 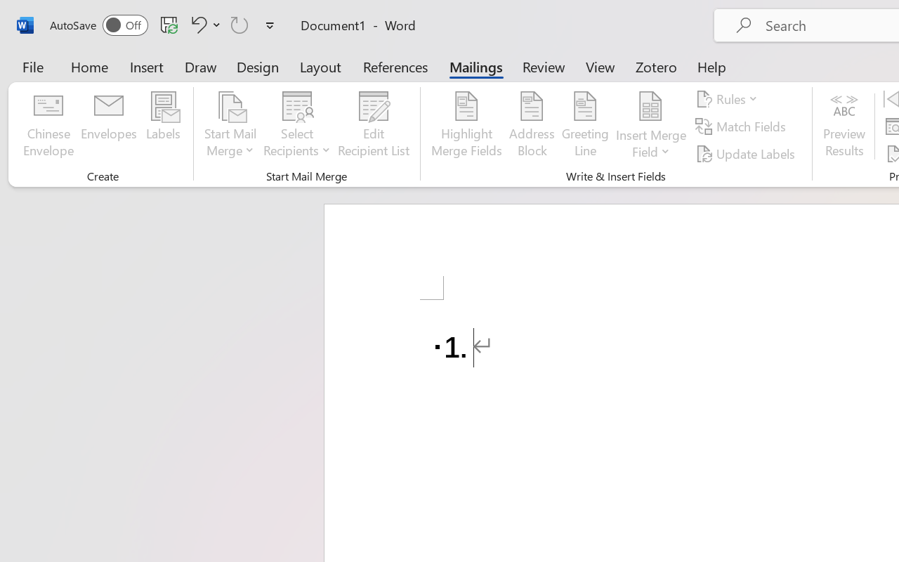 What do you see at coordinates (48, 126) in the screenshot?
I see `'Chinese Envelope...'` at bounding box center [48, 126].